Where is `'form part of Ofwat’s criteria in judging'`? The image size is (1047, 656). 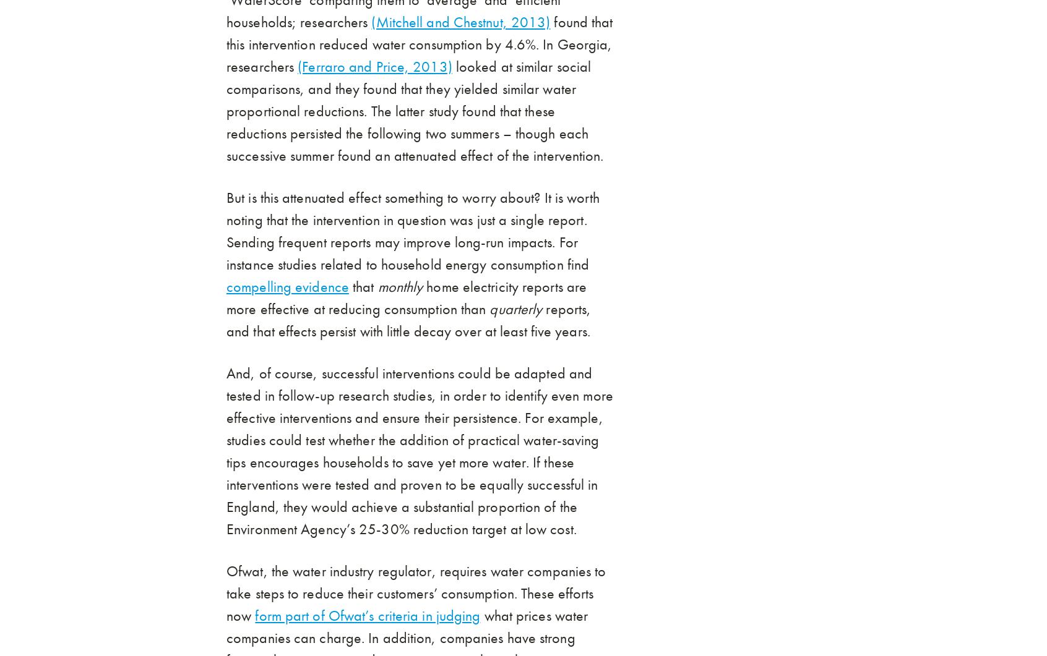
'form part of Ofwat’s criteria in judging' is located at coordinates (367, 615).